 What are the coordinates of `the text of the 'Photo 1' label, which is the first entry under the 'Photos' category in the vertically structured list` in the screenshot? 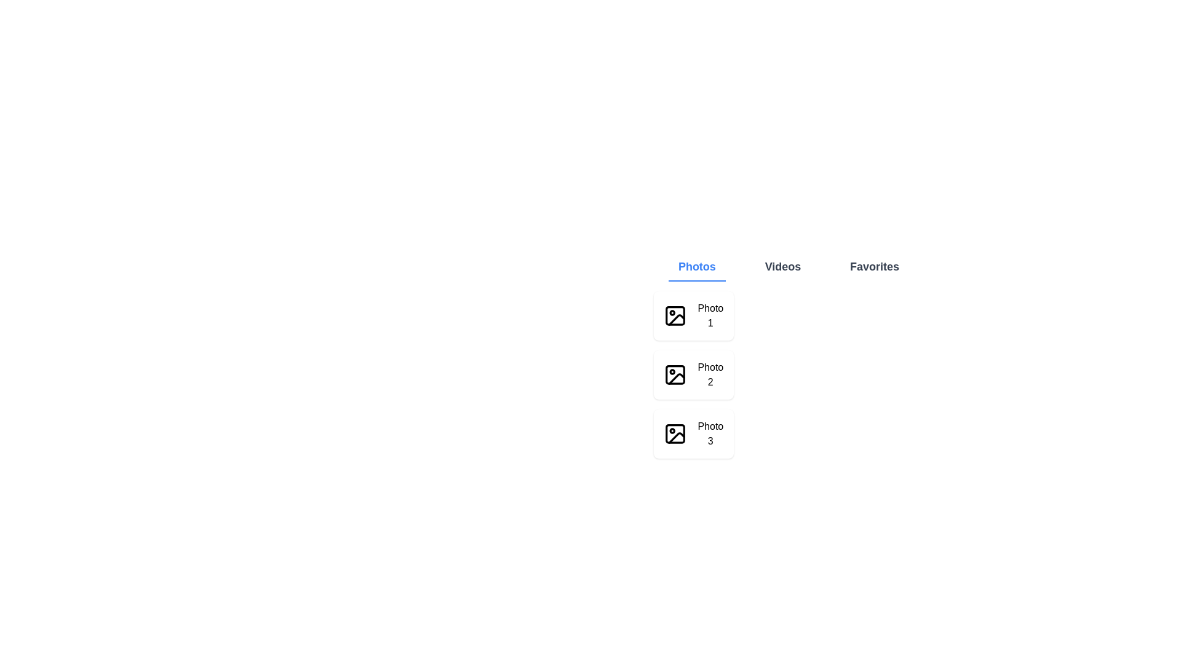 It's located at (710, 315).